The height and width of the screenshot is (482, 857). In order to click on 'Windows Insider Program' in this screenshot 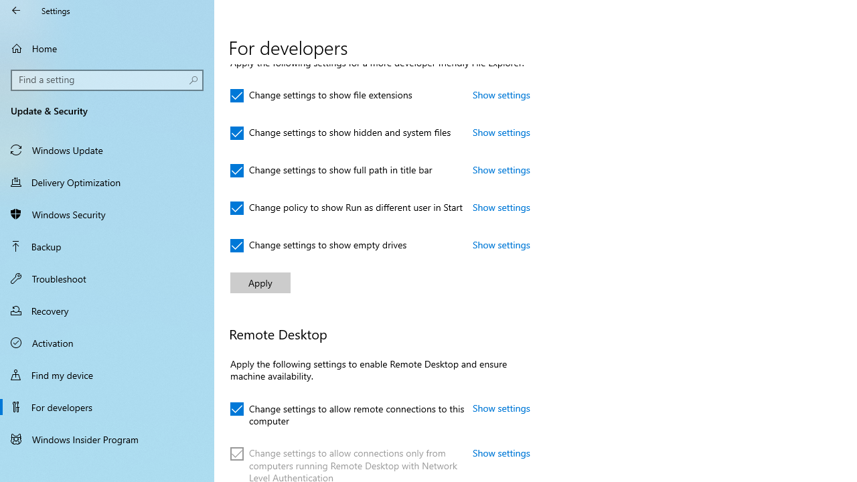, I will do `click(107, 438)`.